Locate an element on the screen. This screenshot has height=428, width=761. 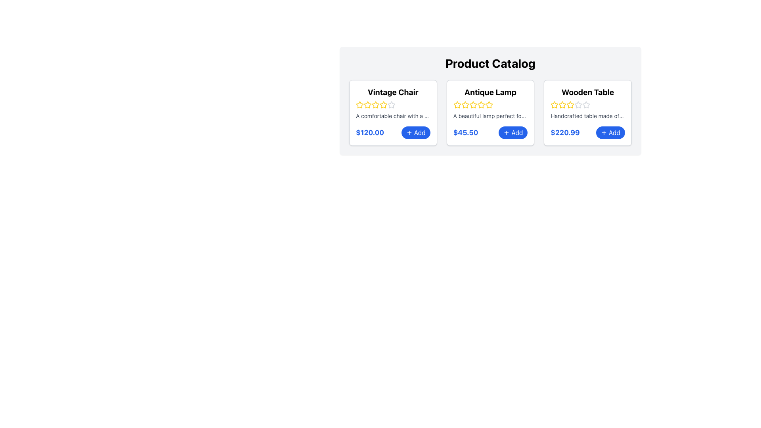
the 'Add' SVG Icon located within the 'Add' button of the 'Wooden Table' product card is located at coordinates (603, 132).